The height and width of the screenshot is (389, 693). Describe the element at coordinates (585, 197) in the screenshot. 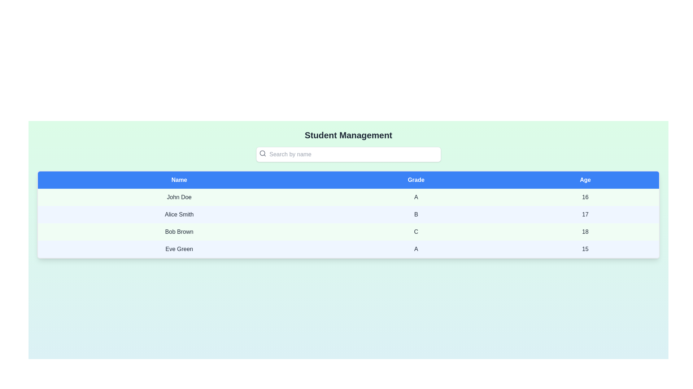

I see `the table cell containing the number '16'` at that location.